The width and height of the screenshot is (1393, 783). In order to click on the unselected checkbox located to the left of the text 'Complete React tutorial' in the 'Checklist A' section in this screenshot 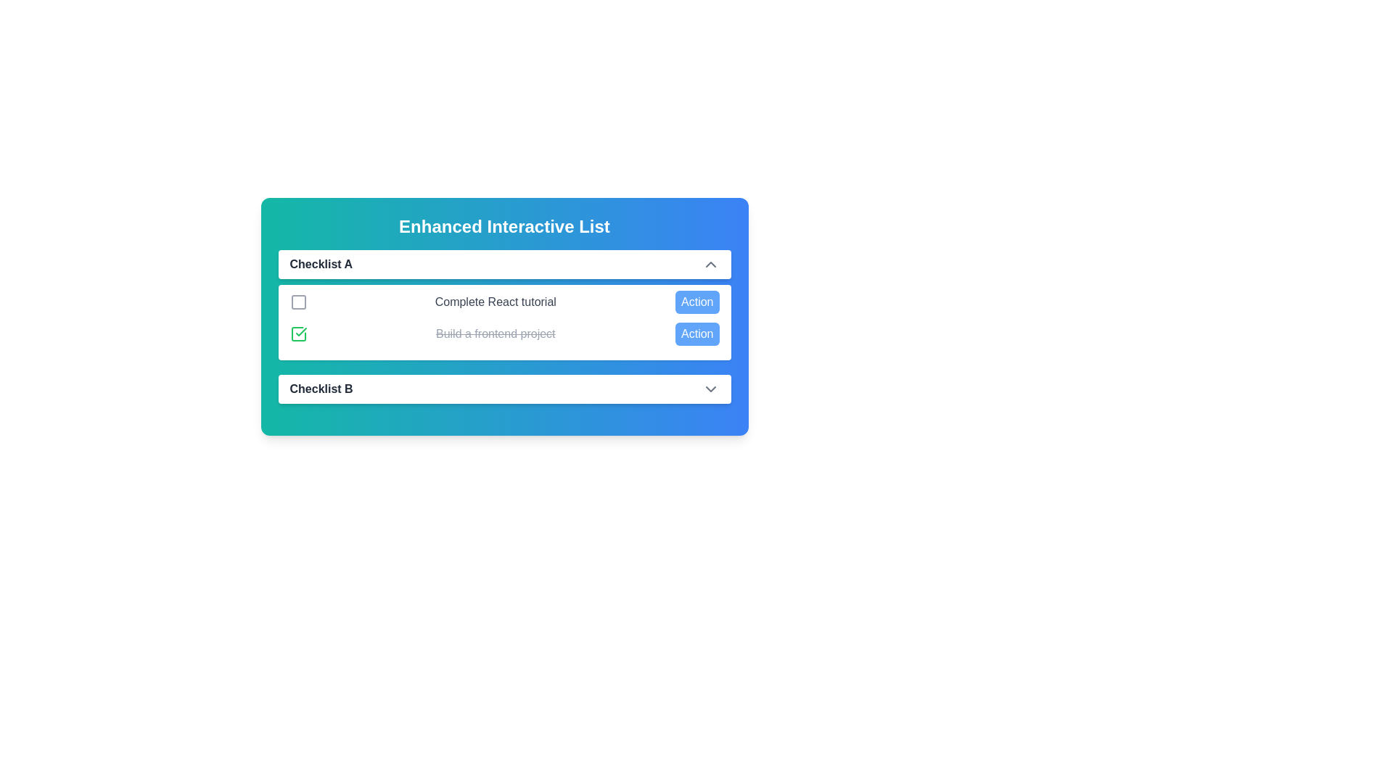, I will do `click(297, 301)`.